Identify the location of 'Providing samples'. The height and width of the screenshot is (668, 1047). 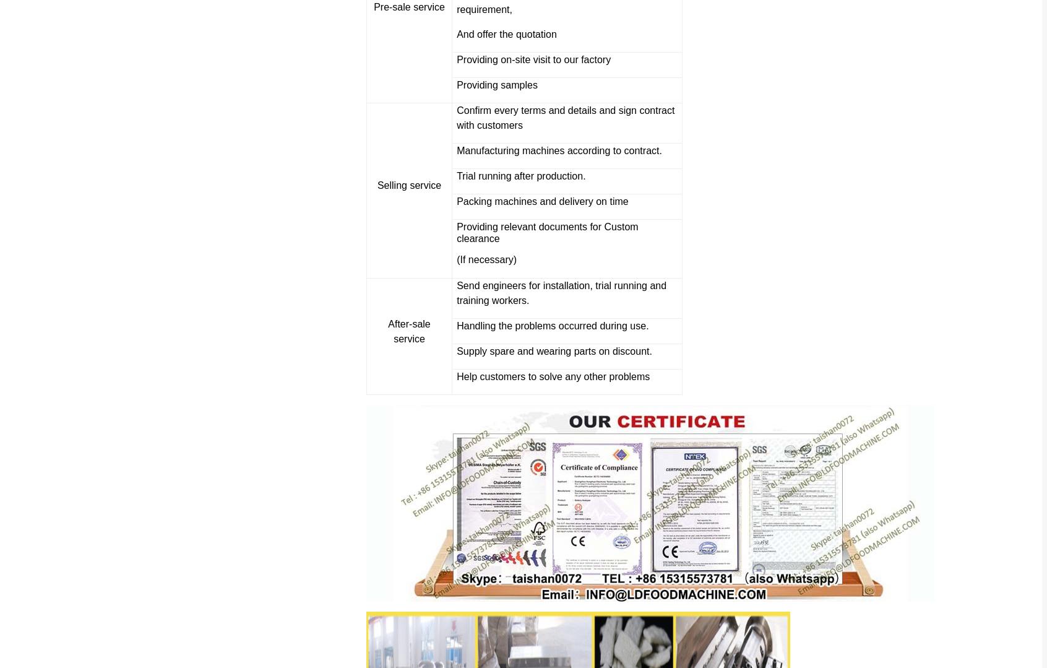
(497, 84).